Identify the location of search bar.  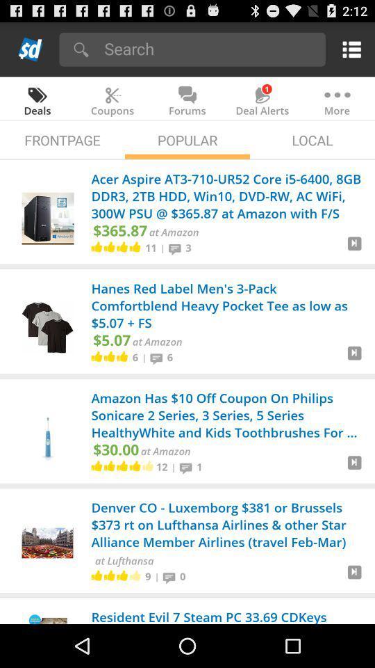
(210, 48).